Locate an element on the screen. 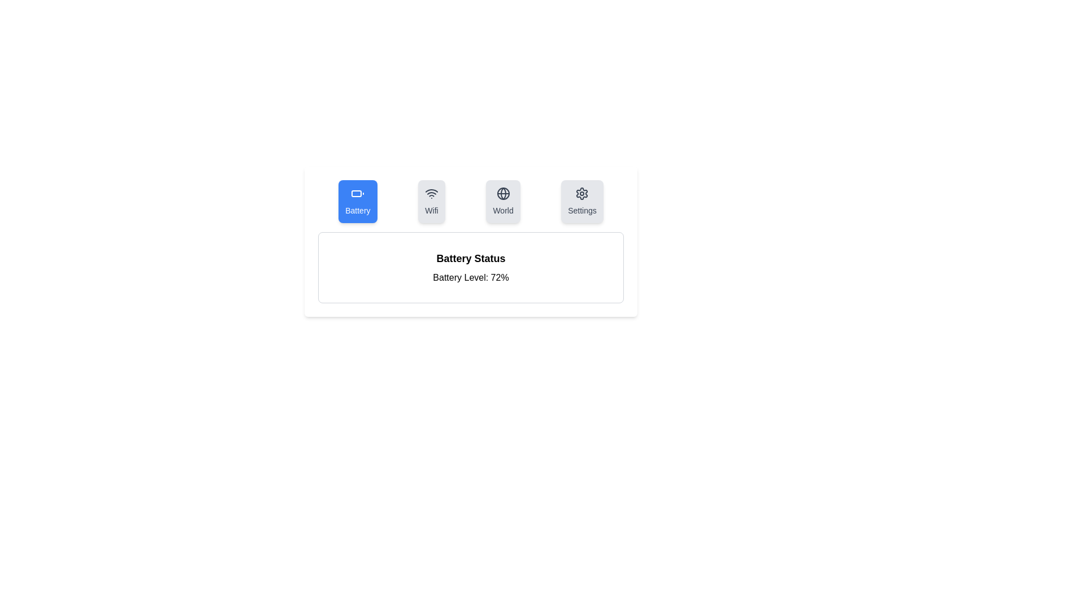 This screenshot has height=610, width=1085. the tab labeled Wifi by clicking on its icon is located at coordinates (431, 201).